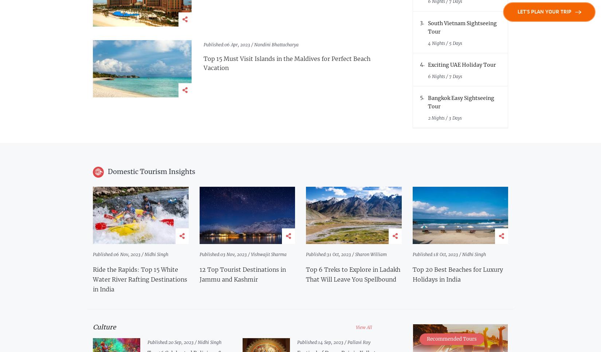  What do you see at coordinates (333, 342) in the screenshot?
I see `'14 Sep, 2023 /'` at bounding box center [333, 342].